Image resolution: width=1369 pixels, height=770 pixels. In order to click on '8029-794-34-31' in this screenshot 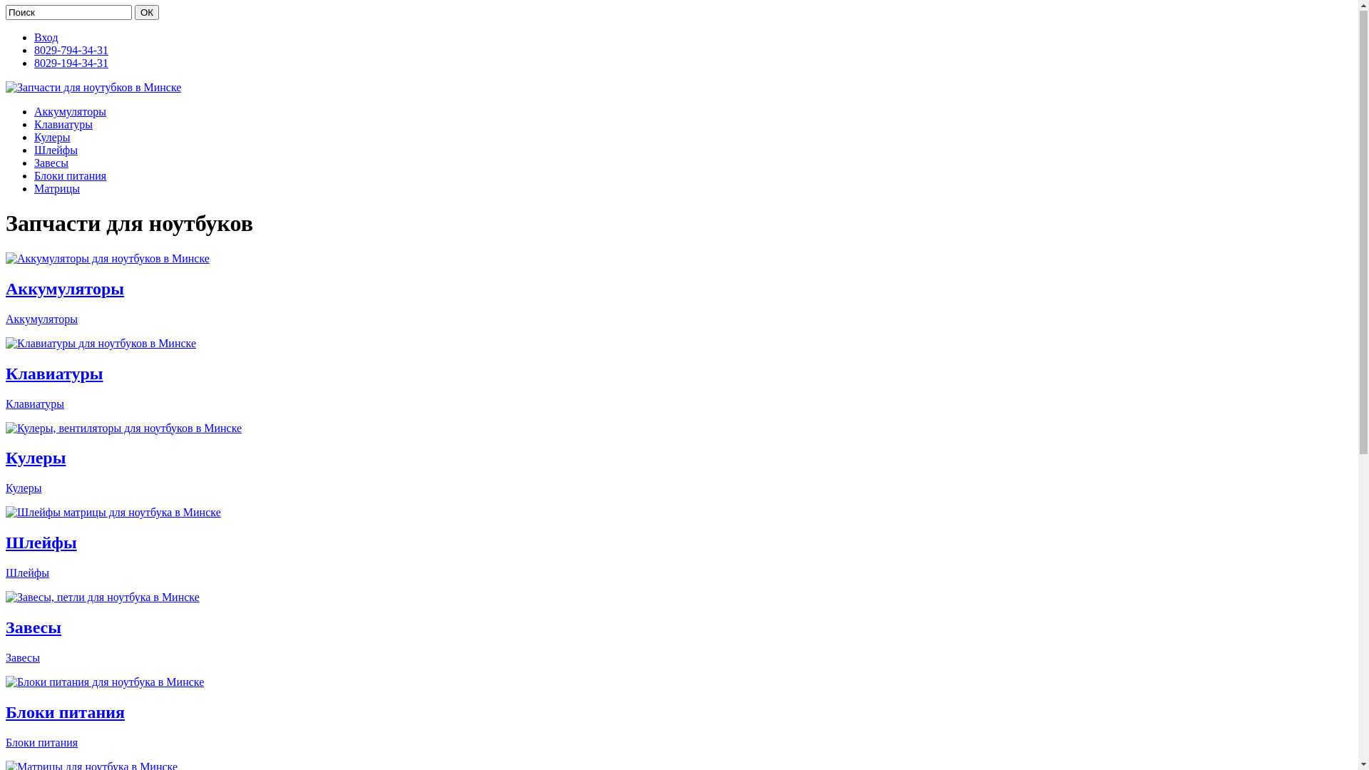, I will do `click(71, 50)`.